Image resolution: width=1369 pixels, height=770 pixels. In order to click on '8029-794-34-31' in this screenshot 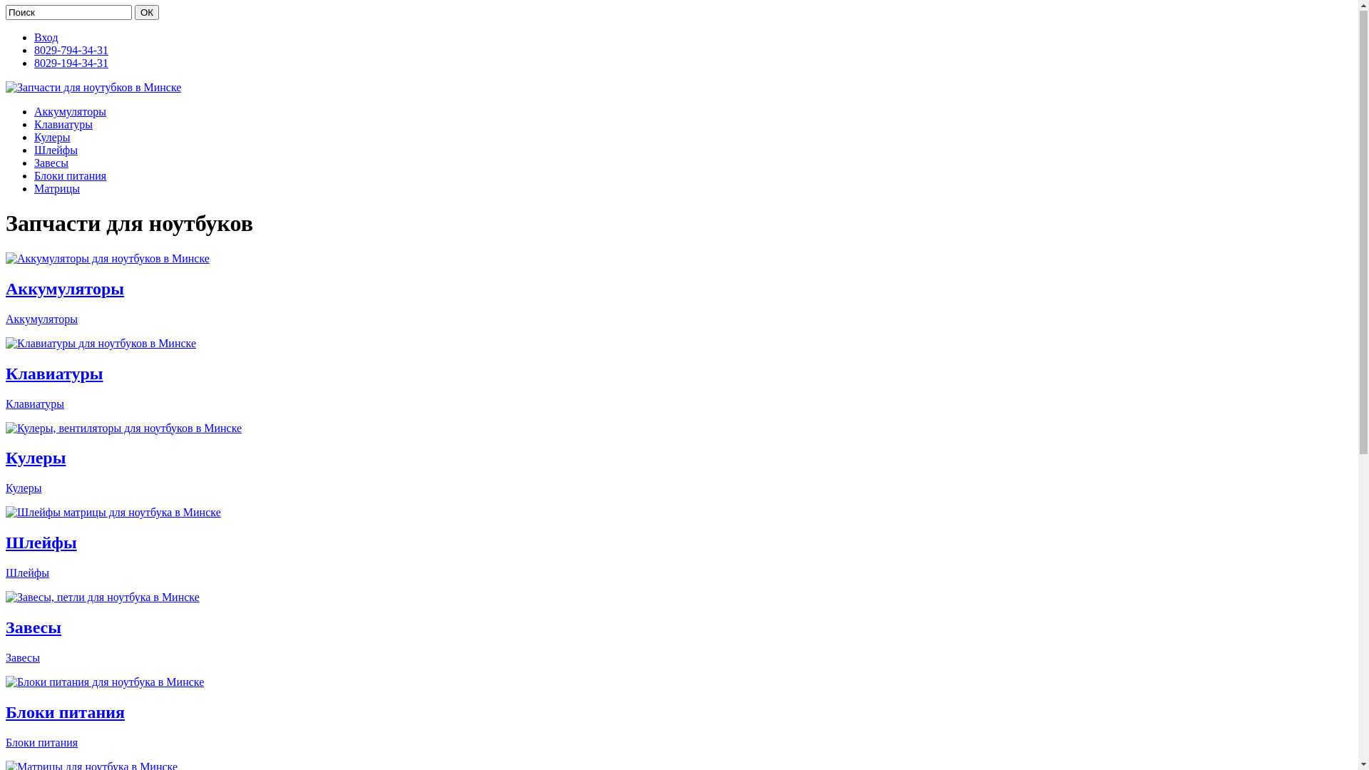, I will do `click(71, 50)`.